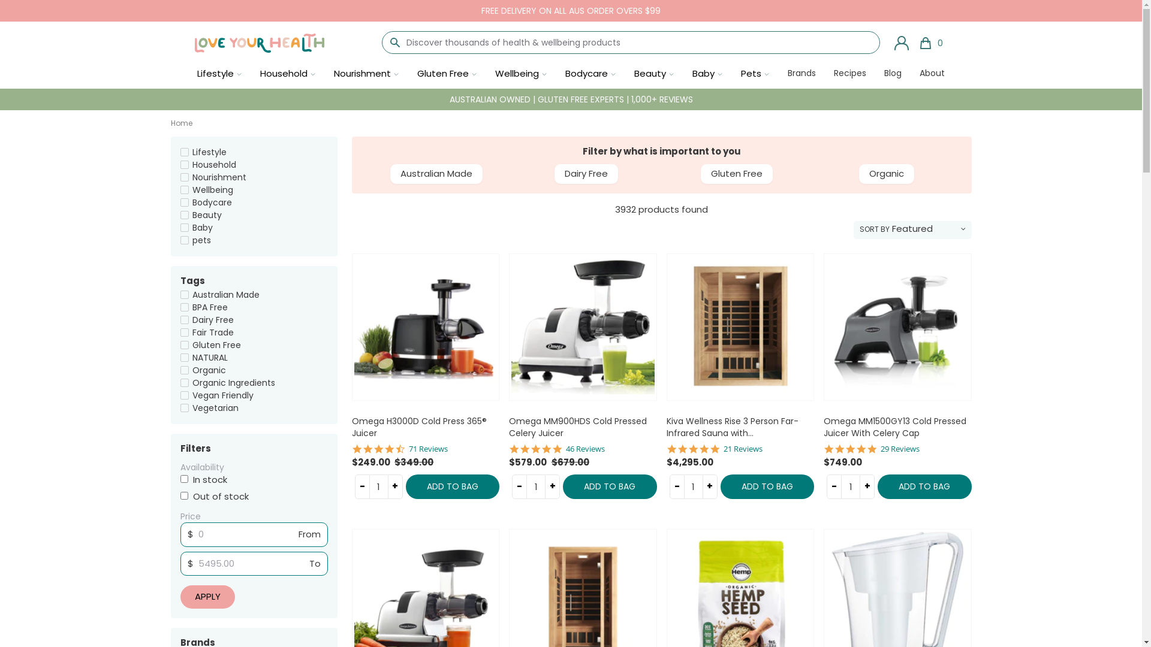  Describe the element at coordinates (565, 449) in the screenshot. I see `'46 Reviews'` at that location.